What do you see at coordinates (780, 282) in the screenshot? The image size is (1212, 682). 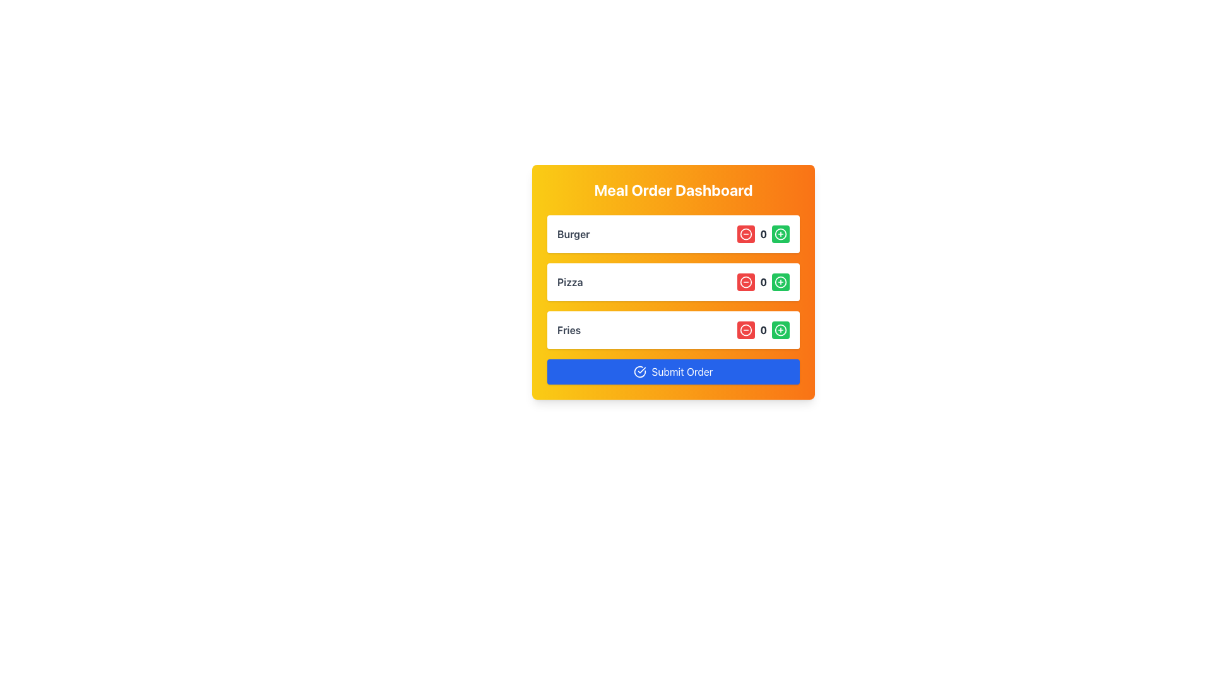 I see `the increment button located to the far right of the horizontal grouping, adjacent to the bold '0' count text, to observe its visual response` at bounding box center [780, 282].